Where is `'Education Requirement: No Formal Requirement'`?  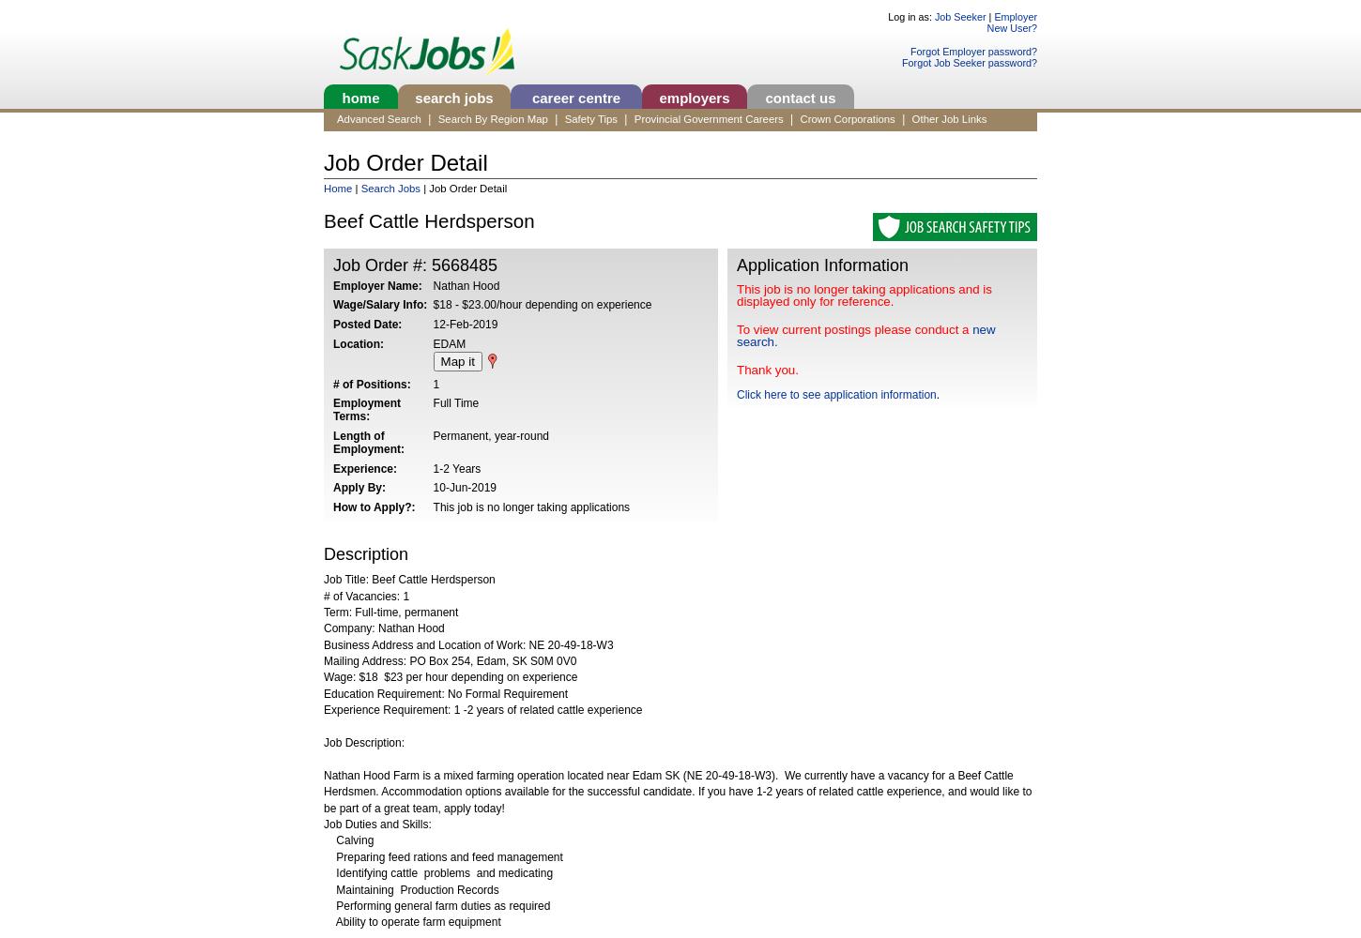
'Education Requirement: No Formal Requirement' is located at coordinates (445, 692).